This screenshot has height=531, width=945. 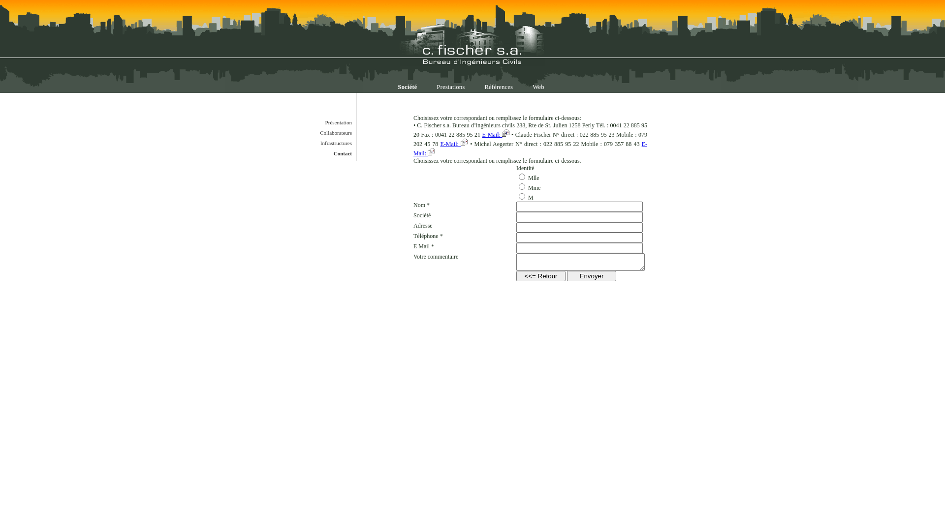 What do you see at coordinates (427, 86) in the screenshot?
I see `'Prestations'` at bounding box center [427, 86].